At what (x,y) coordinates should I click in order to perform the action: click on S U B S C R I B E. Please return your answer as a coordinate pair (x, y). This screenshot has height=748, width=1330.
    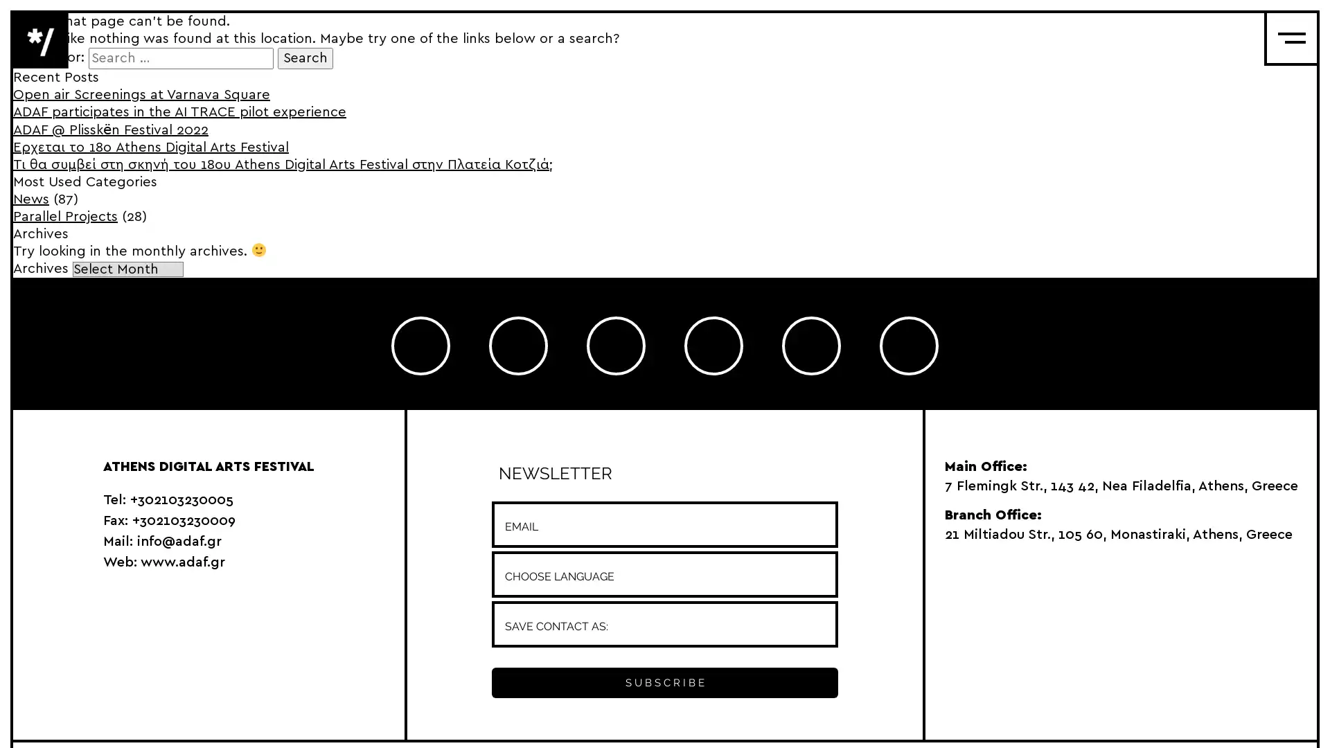
    Looking at the image, I should click on (664, 681).